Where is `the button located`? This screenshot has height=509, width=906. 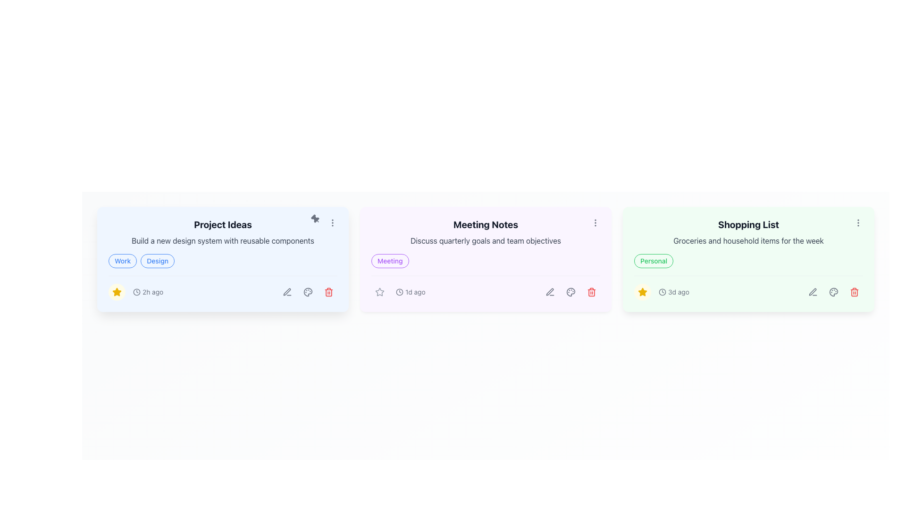
the button located is located at coordinates (550, 292).